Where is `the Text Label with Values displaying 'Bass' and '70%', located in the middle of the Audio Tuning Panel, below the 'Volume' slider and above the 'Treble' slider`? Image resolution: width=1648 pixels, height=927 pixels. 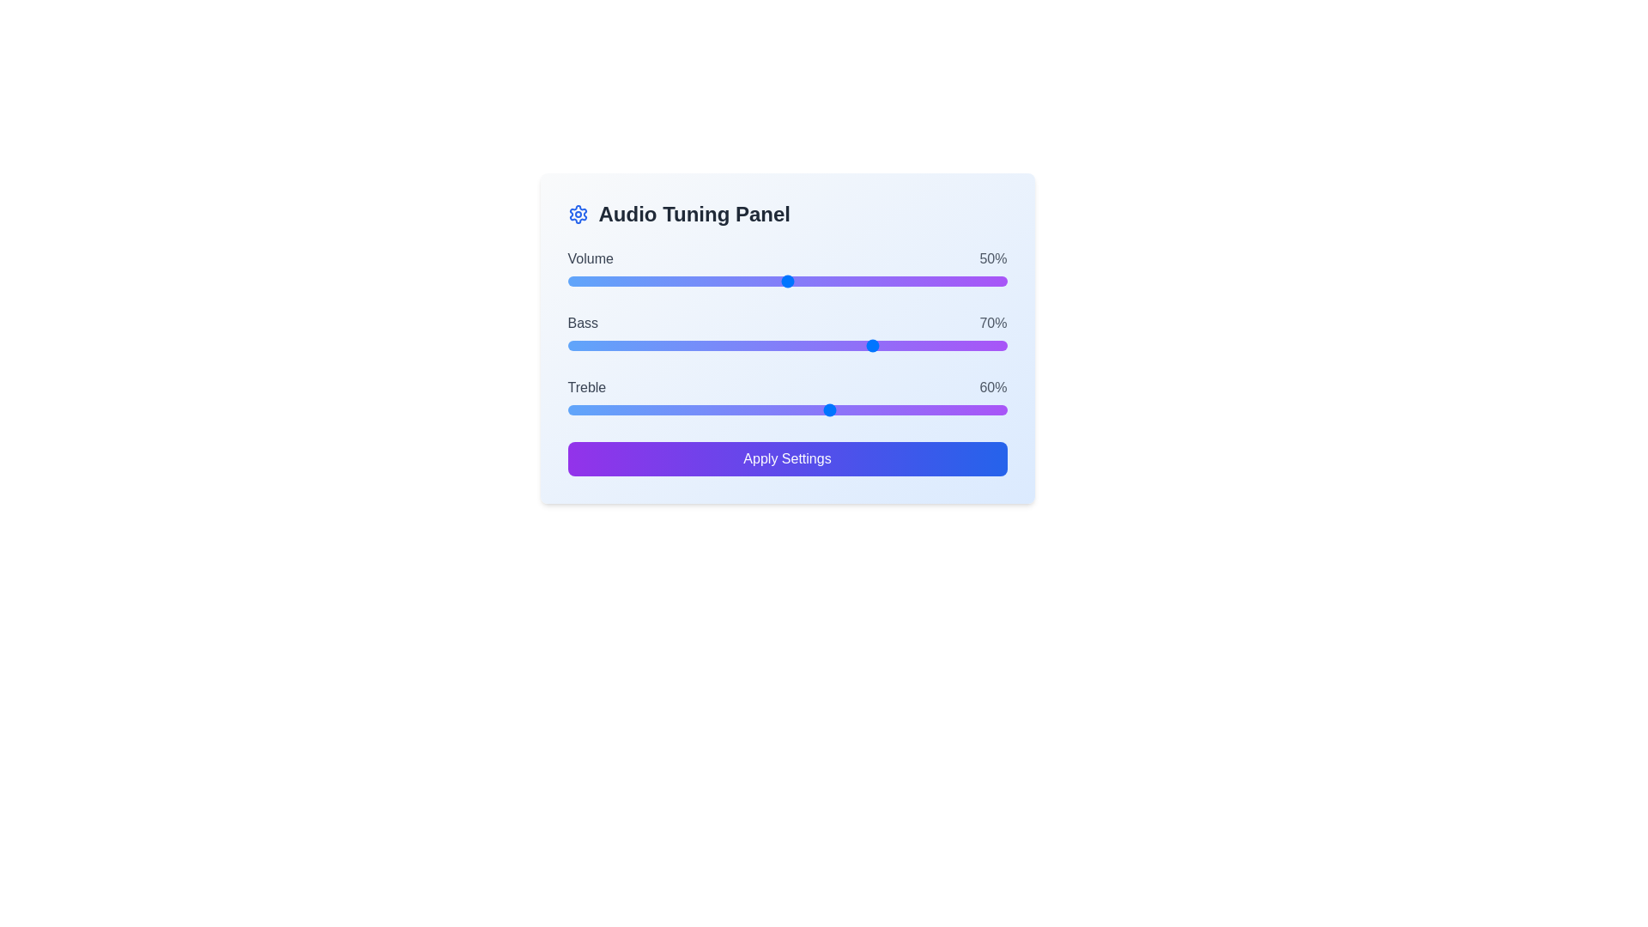
the Text Label with Values displaying 'Bass' and '70%', located in the middle of the Audio Tuning Panel, below the 'Volume' slider and above the 'Treble' slider is located at coordinates (786, 324).